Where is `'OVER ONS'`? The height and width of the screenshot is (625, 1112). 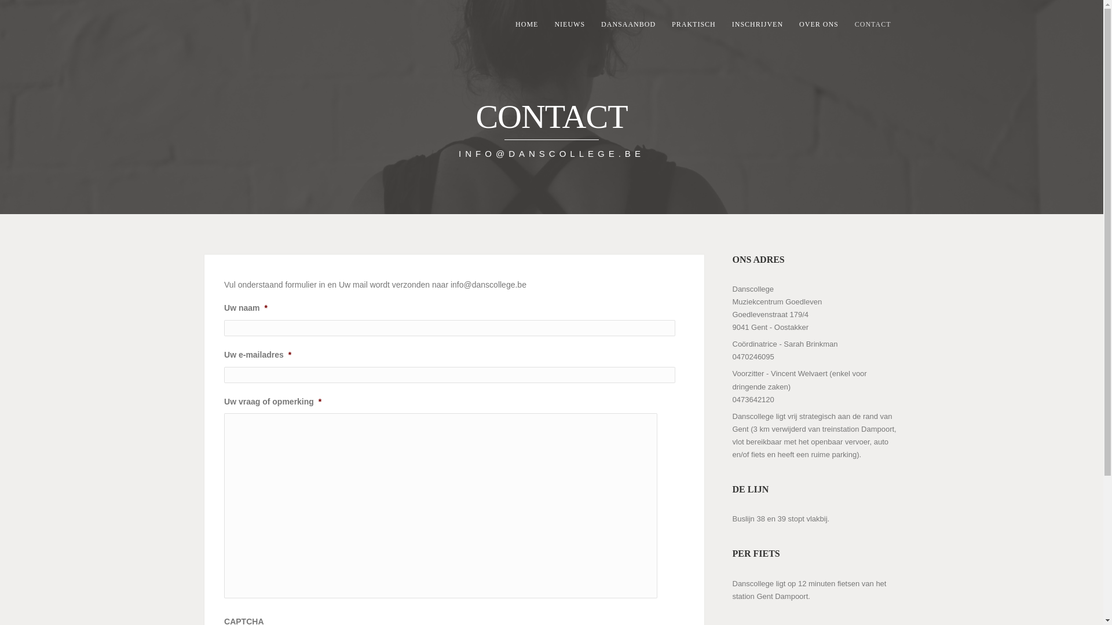 'OVER ONS' is located at coordinates (818, 24).